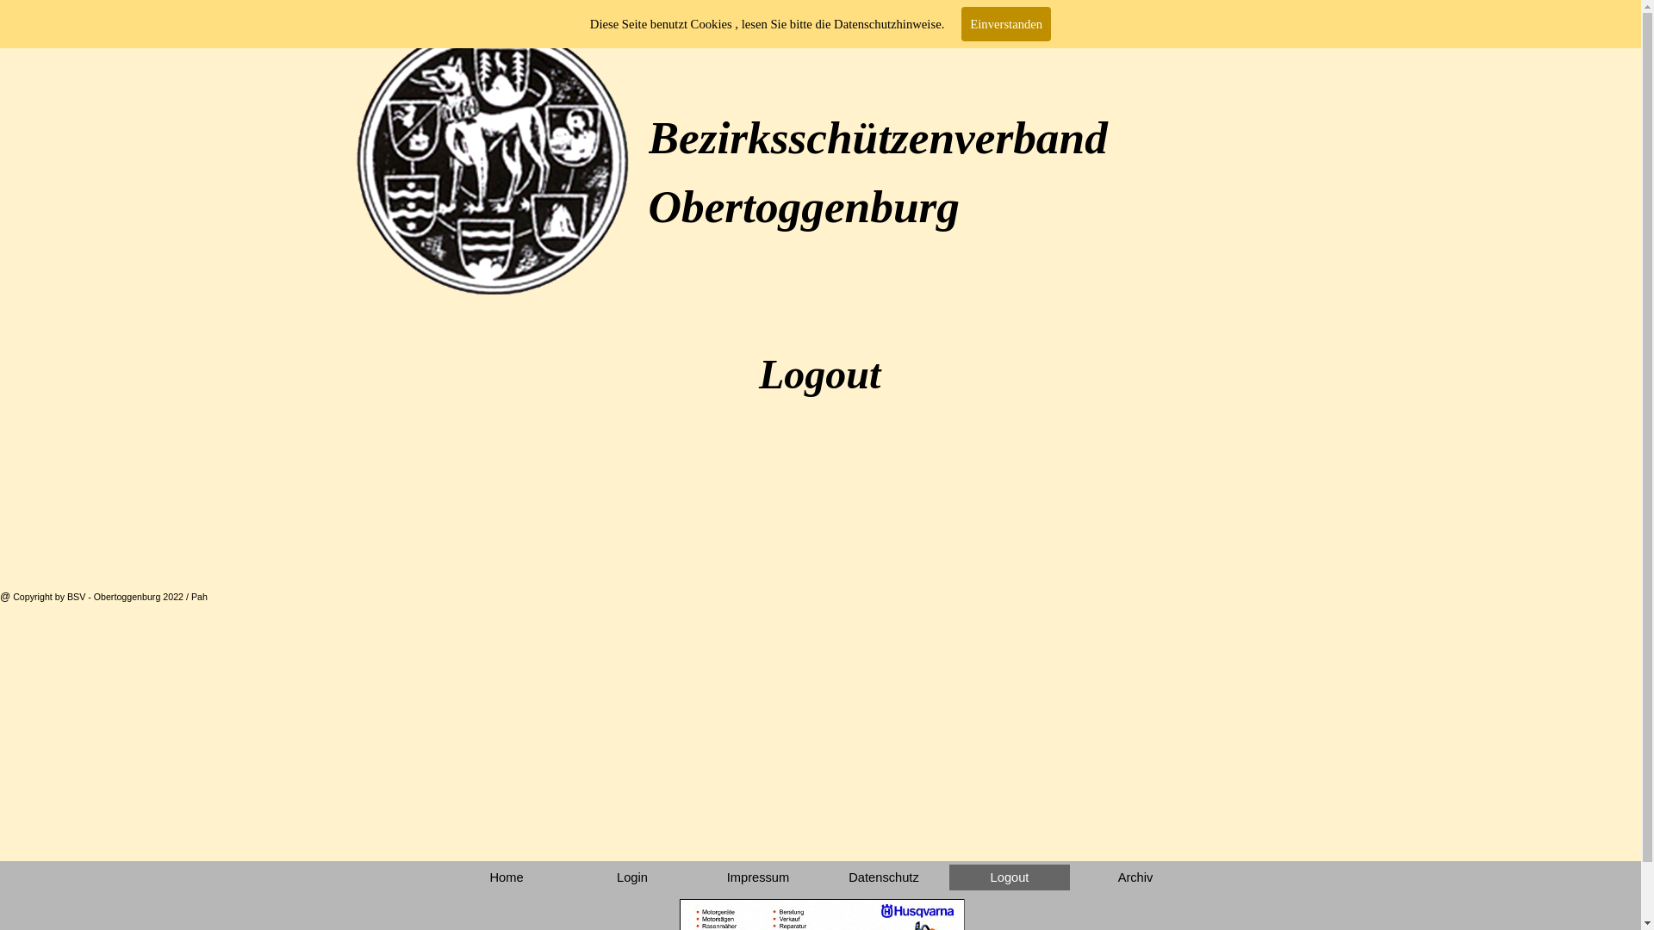  Describe the element at coordinates (887, 23) in the screenshot. I see `'Datenschutzhinweise'` at that location.